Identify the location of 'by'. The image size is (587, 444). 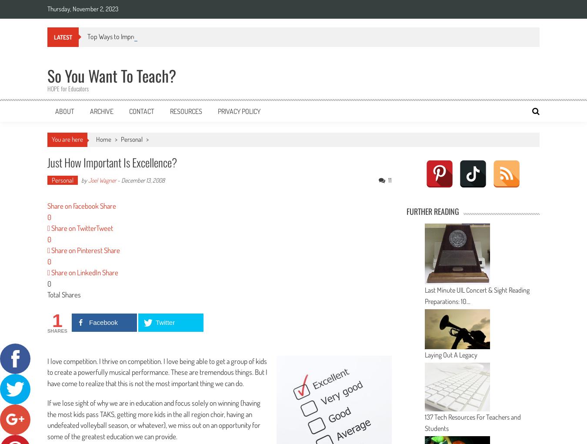
(84, 179).